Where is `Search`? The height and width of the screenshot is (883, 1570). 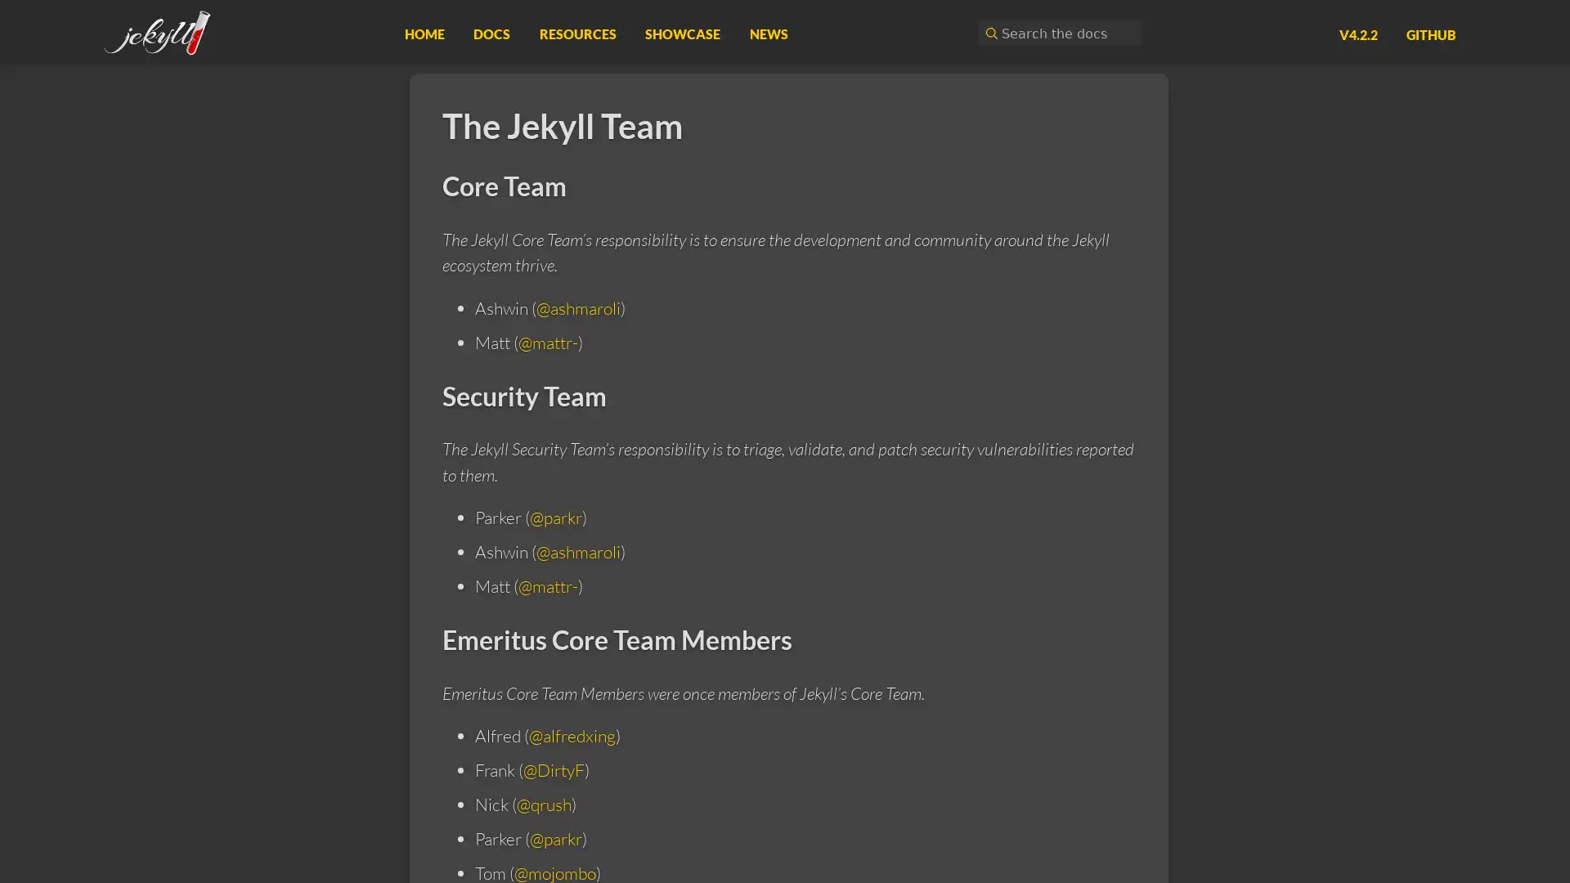
Search is located at coordinates (989, 33).